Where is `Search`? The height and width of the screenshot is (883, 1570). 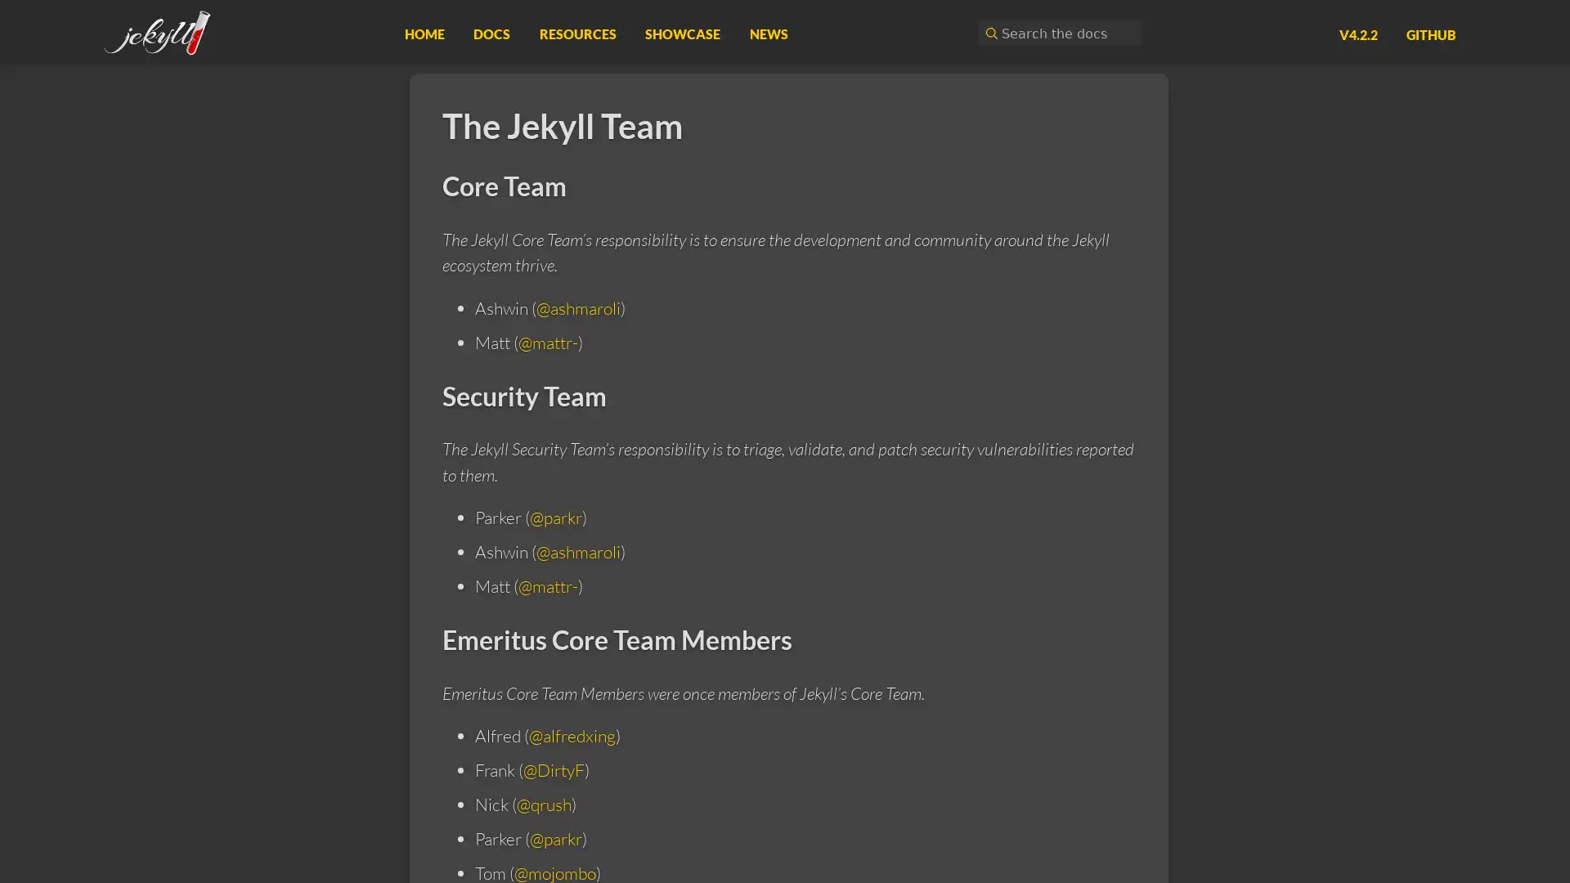
Search is located at coordinates (989, 33).